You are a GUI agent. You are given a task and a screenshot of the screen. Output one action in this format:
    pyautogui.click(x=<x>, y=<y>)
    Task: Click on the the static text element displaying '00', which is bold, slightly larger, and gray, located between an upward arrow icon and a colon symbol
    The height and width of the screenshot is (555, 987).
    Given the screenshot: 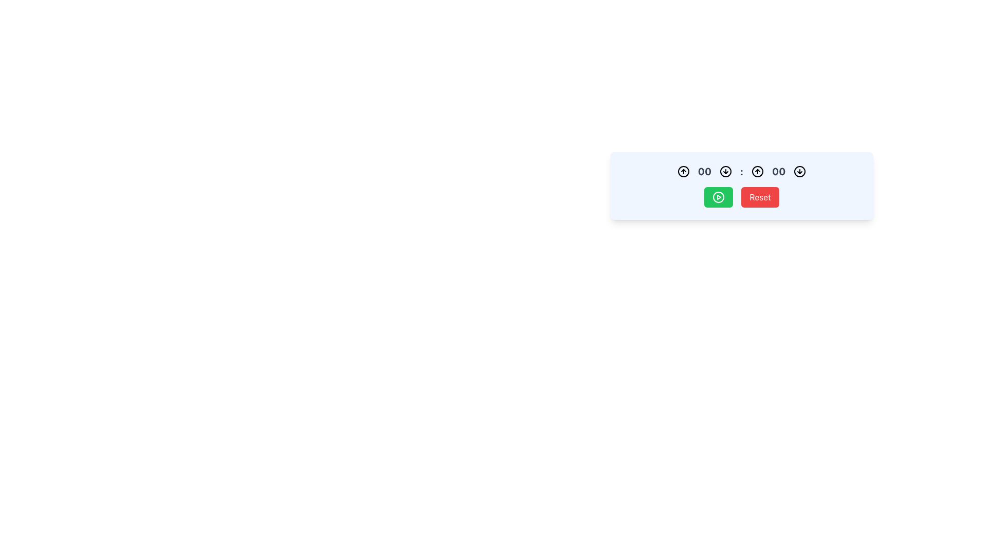 What is the action you would take?
    pyautogui.click(x=704, y=171)
    